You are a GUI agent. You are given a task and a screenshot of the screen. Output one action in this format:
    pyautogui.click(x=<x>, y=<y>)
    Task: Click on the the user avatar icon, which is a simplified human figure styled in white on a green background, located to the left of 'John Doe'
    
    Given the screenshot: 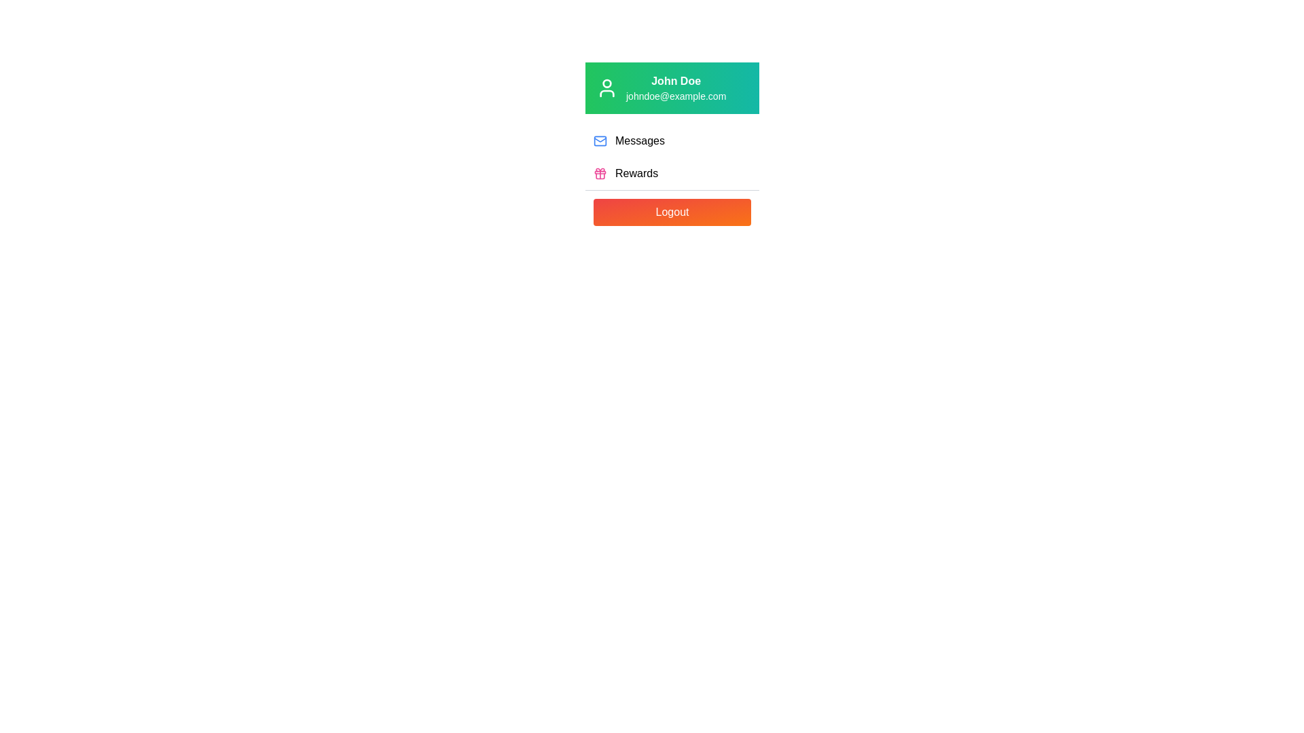 What is the action you would take?
    pyautogui.click(x=606, y=88)
    